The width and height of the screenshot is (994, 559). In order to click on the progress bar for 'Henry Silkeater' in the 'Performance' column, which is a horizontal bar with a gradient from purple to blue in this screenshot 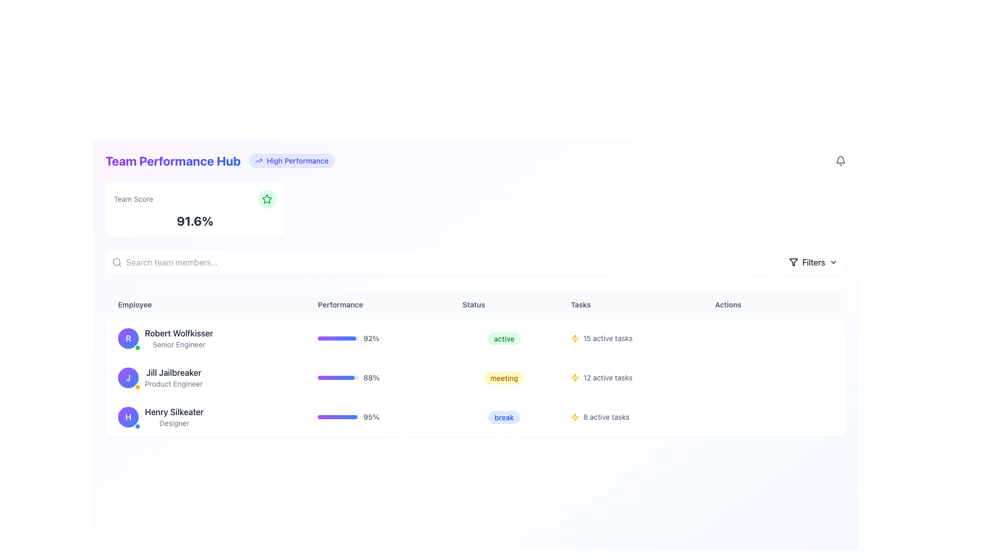, I will do `click(338, 417)`.